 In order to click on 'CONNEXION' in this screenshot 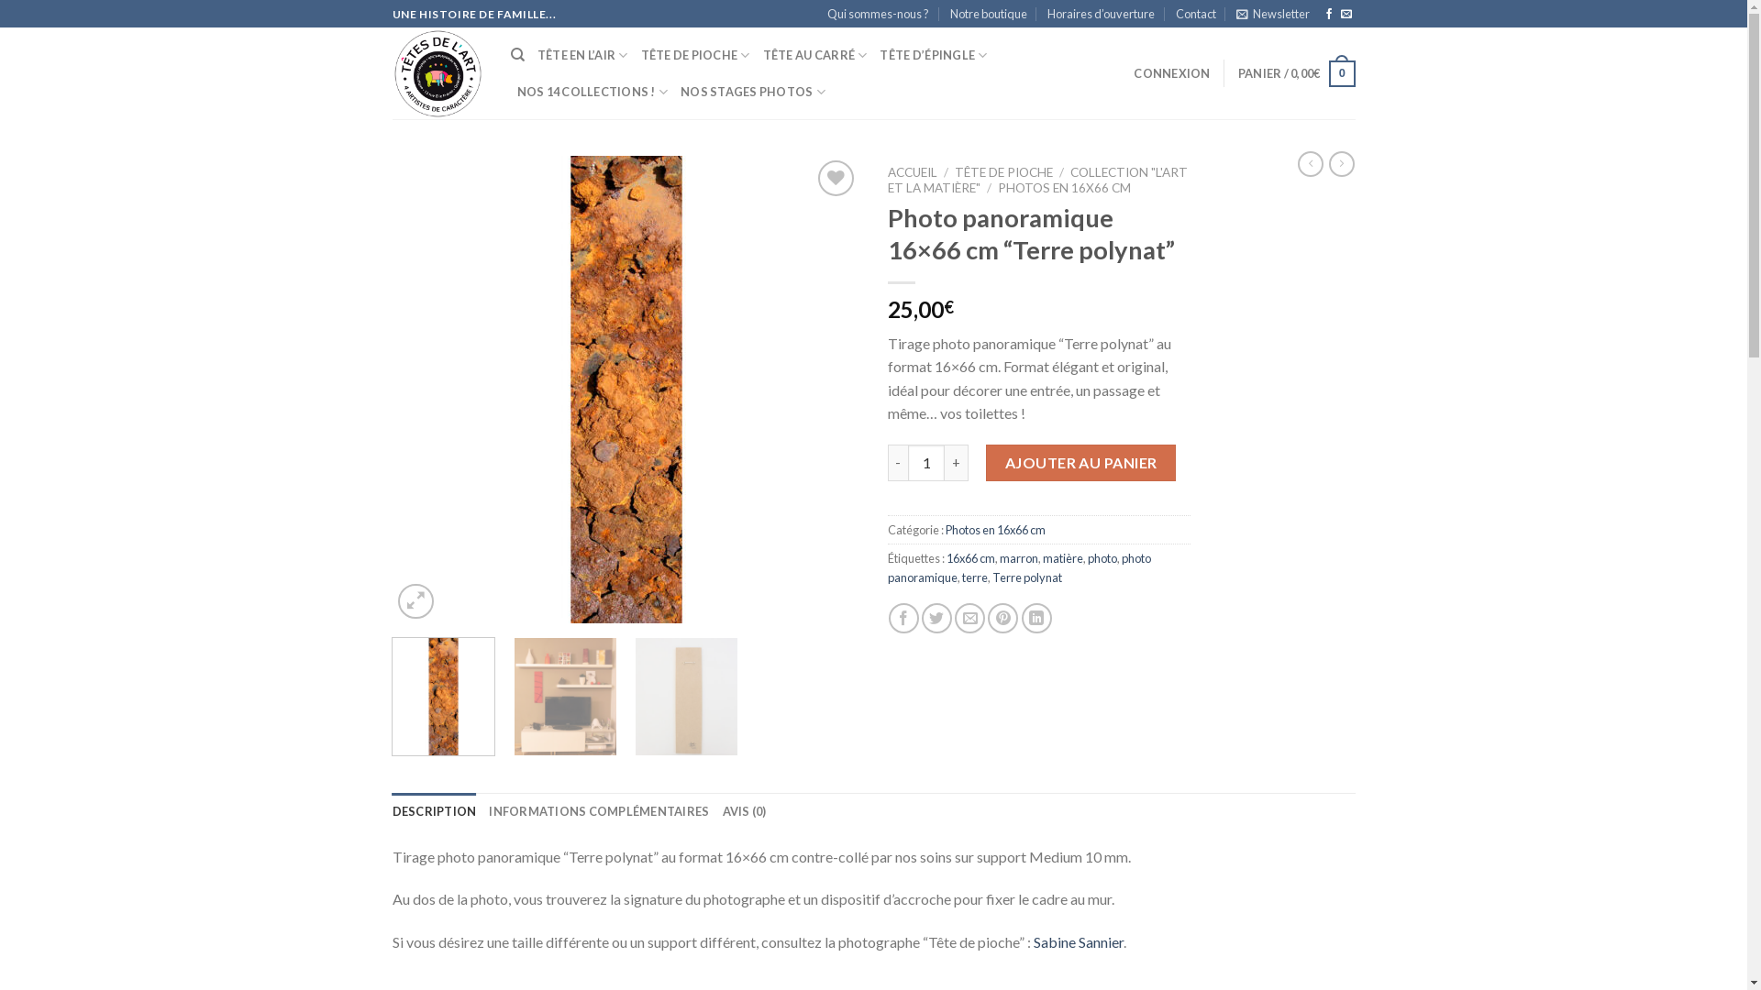, I will do `click(1133, 72)`.